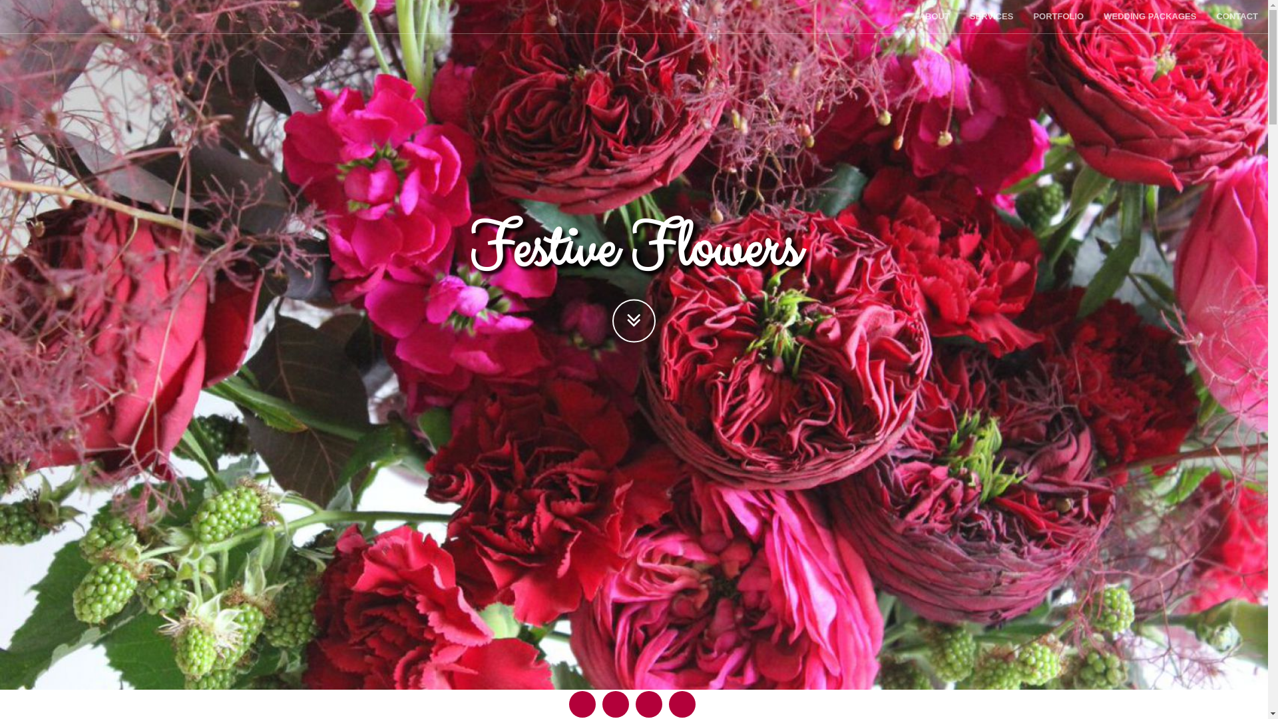 This screenshot has height=719, width=1278. I want to click on 'WEDDING PACKAGES', so click(1149, 16).